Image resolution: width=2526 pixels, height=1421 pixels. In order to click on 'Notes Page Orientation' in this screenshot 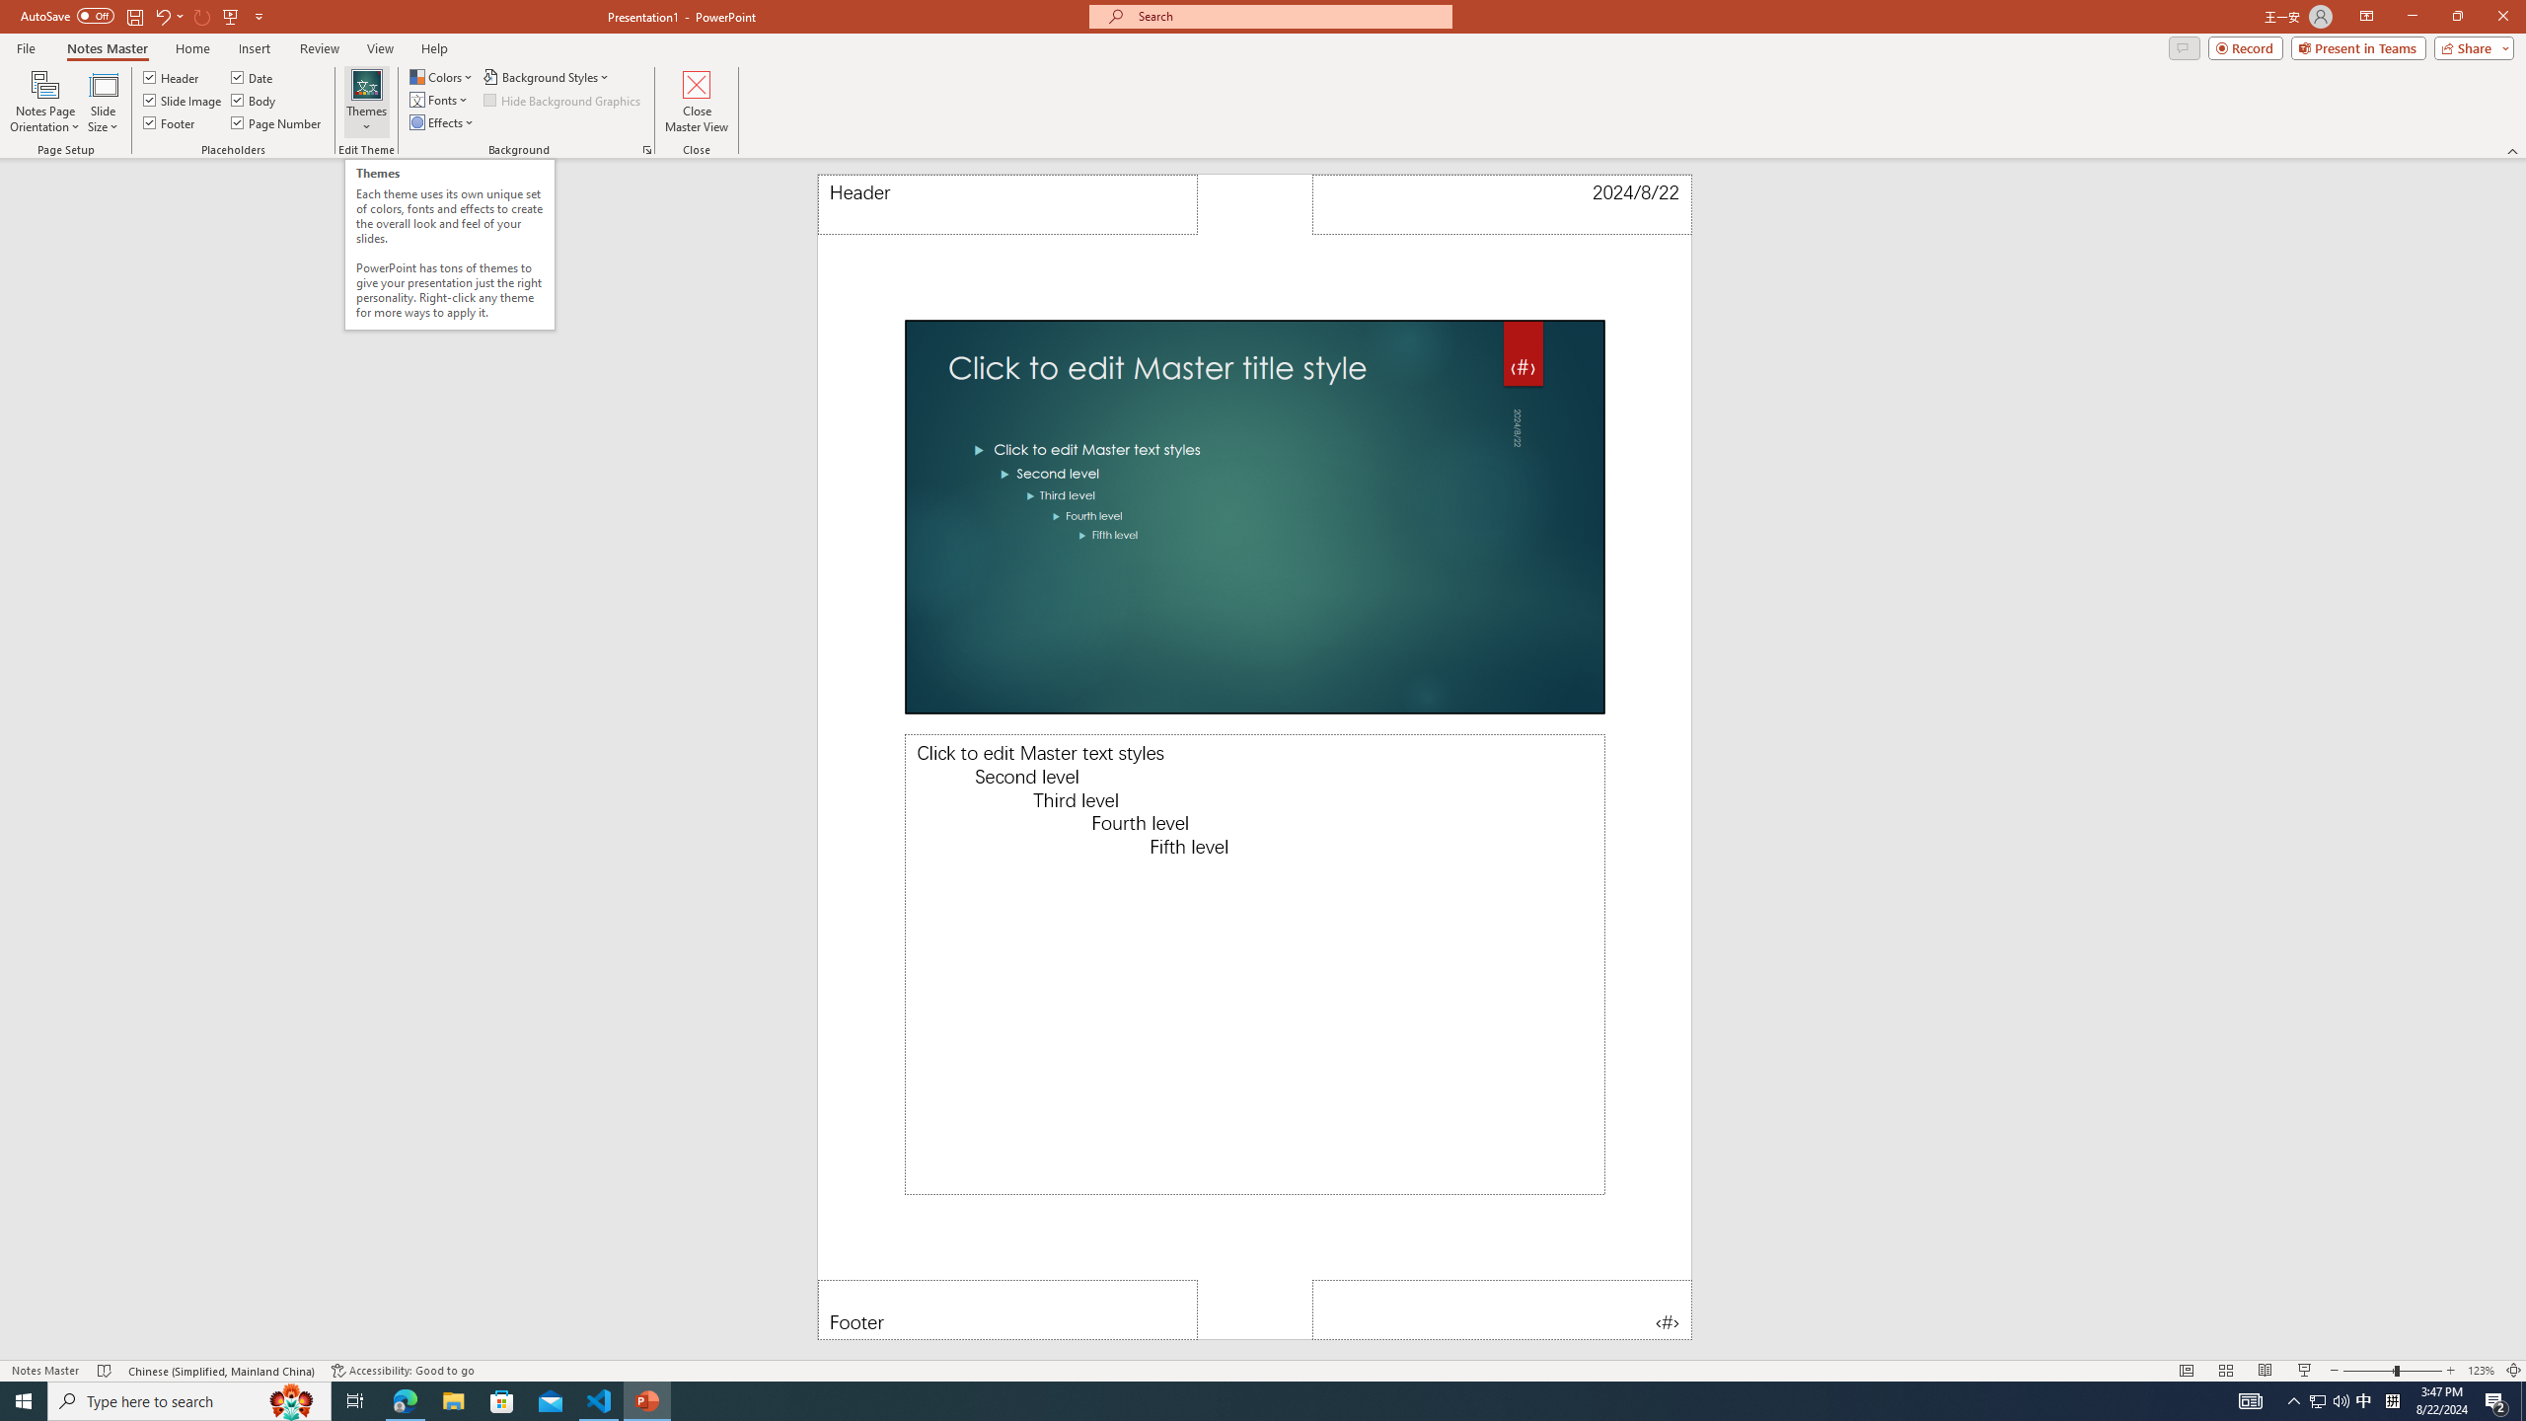, I will do `click(44, 102)`.